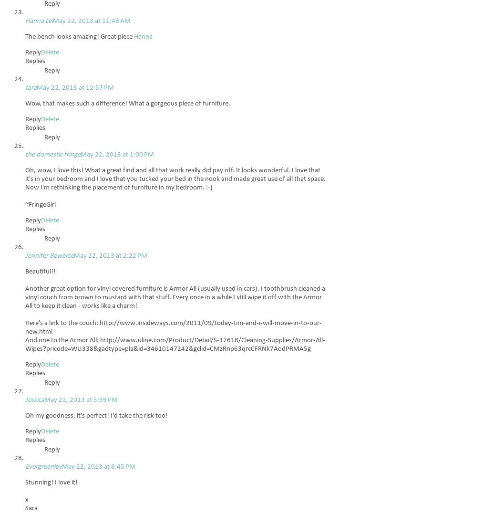 The height and width of the screenshot is (515, 483). Describe the element at coordinates (127, 103) in the screenshot. I see `'Wow, that makes such a difference! What a gorgeous piece of furniture.'` at that location.